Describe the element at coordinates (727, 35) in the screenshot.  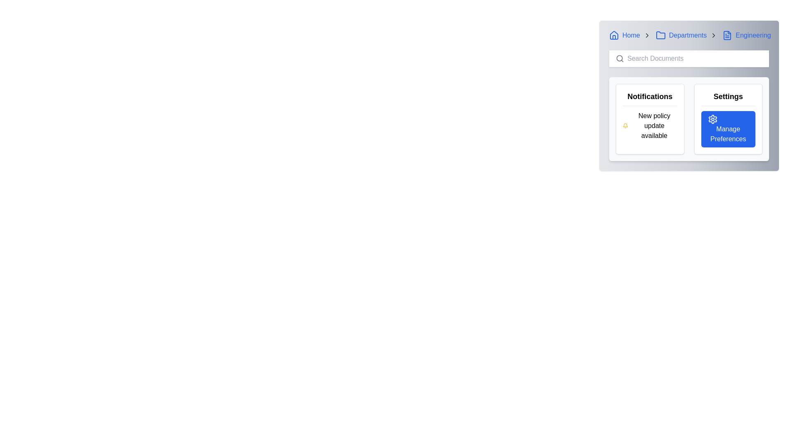
I see `the 'Engineering' icon in the breadcrumb navigation` at that location.